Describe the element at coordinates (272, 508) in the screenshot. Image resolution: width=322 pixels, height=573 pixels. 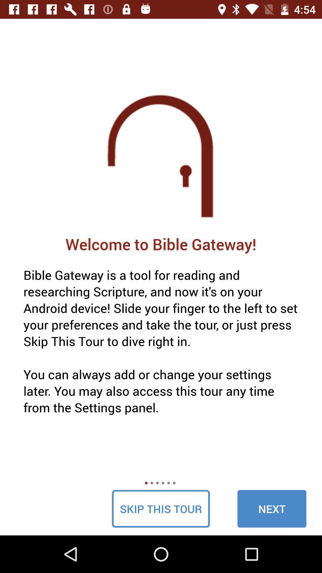
I see `next icon` at that location.